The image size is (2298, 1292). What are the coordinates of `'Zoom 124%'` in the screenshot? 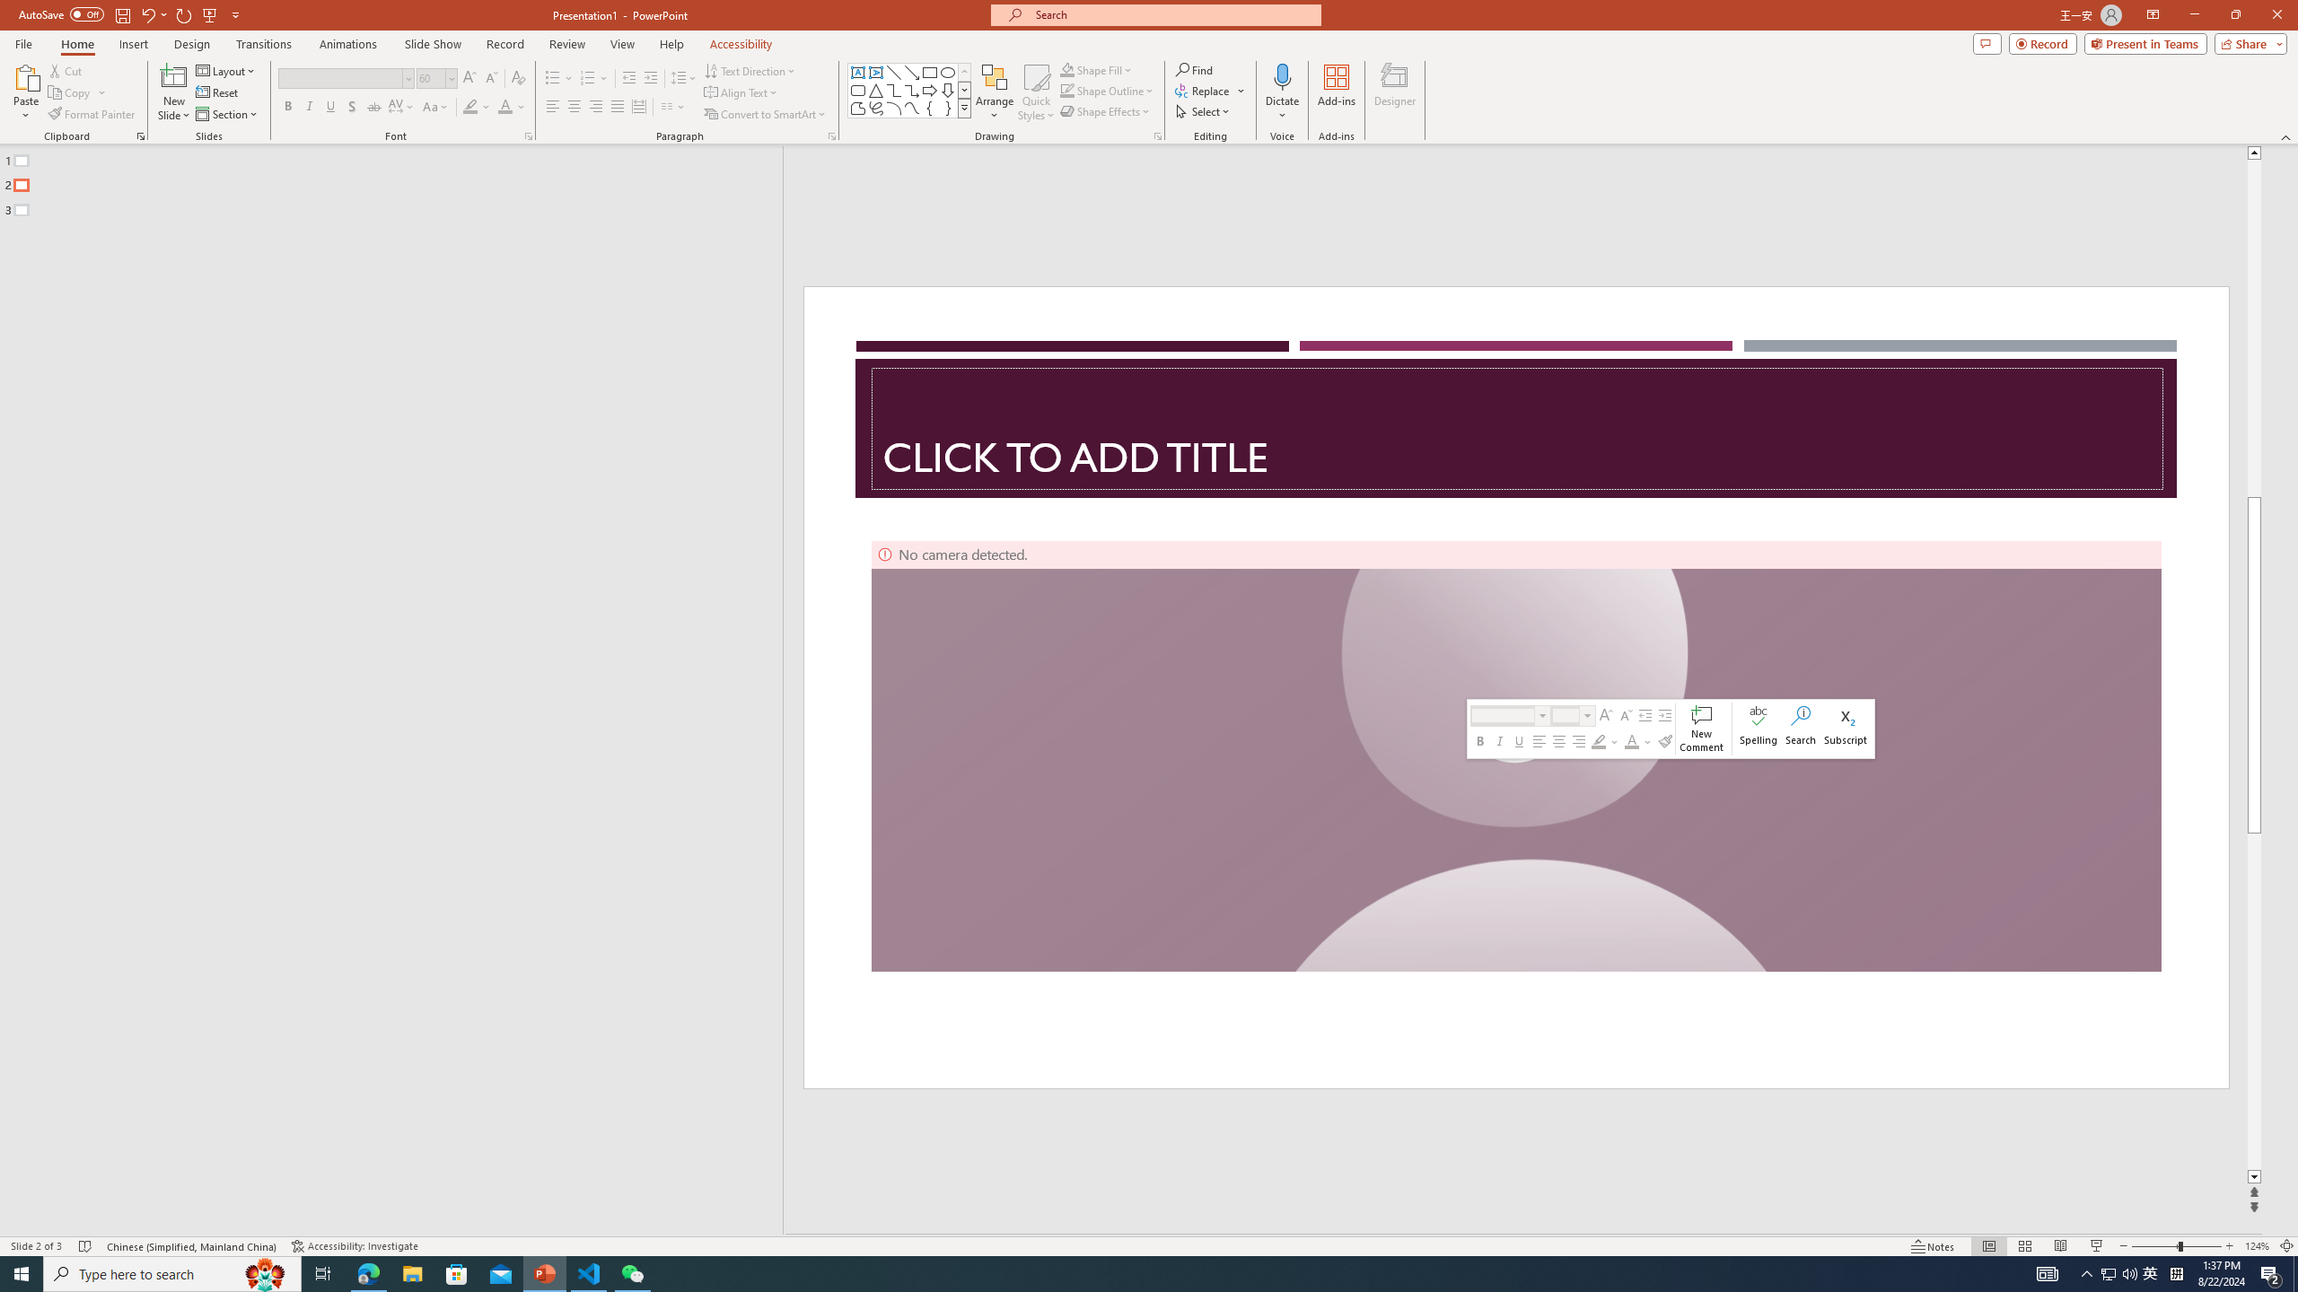 It's located at (2258, 1246).